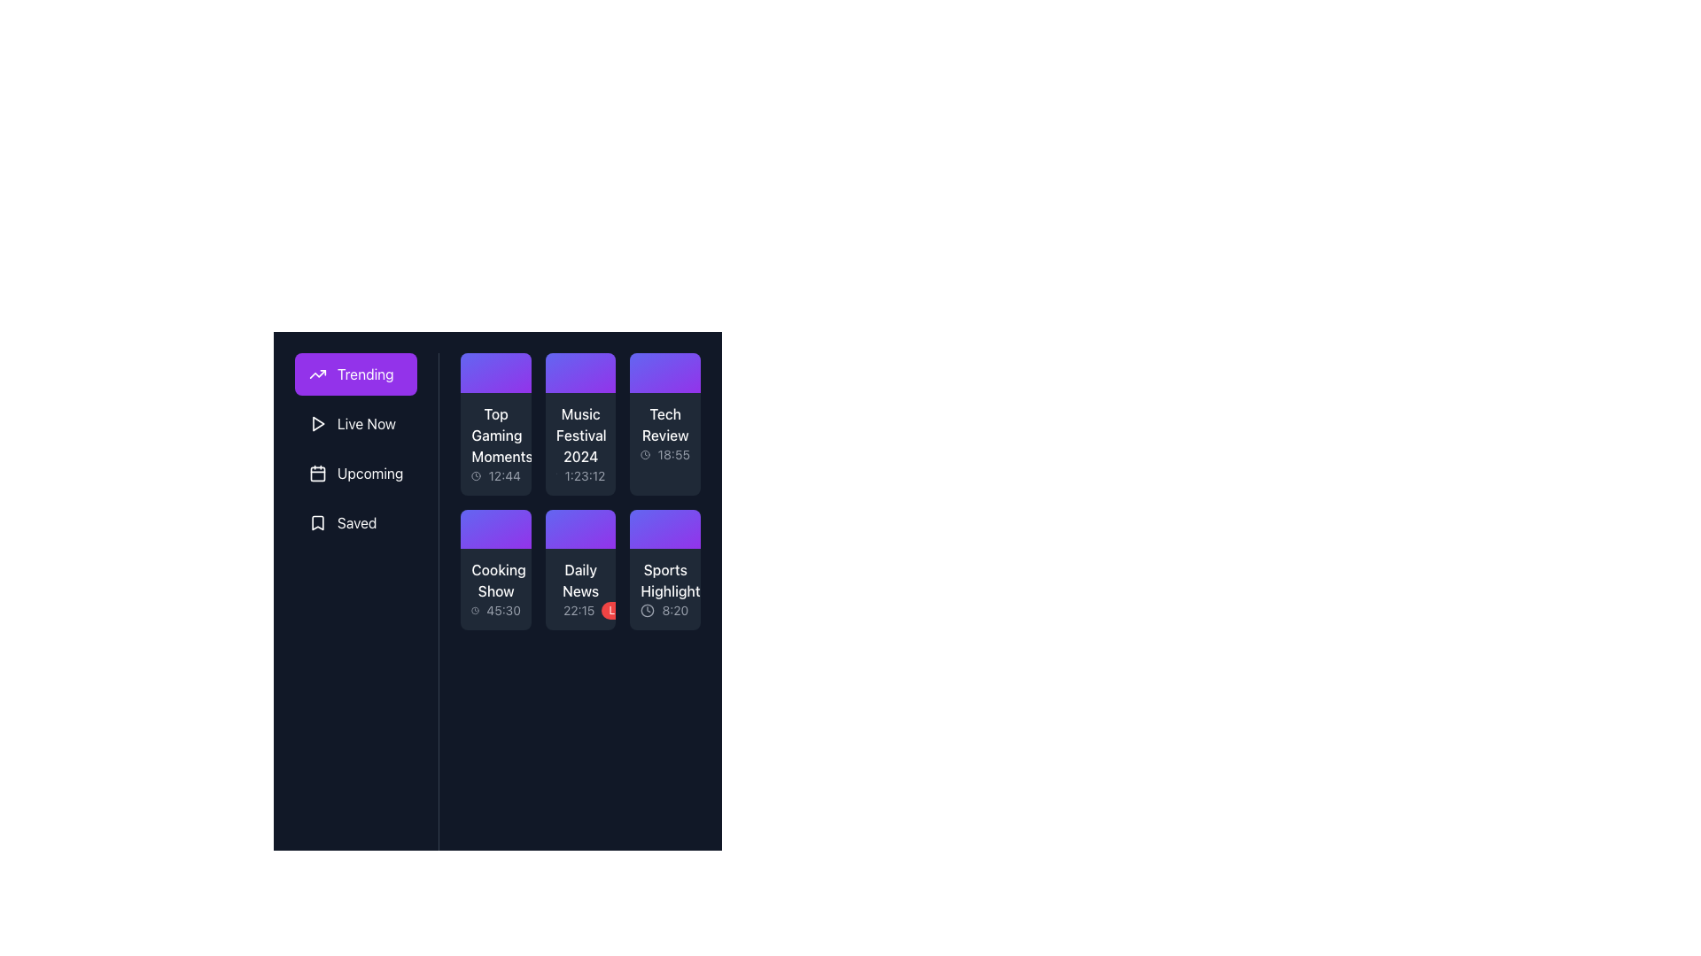 The height and width of the screenshot is (956, 1701). What do you see at coordinates (585, 474) in the screenshot?
I see `the time duration text label located below the title 'Music Festival 2024' in the third card from the left in the top row of the grid layout` at bounding box center [585, 474].